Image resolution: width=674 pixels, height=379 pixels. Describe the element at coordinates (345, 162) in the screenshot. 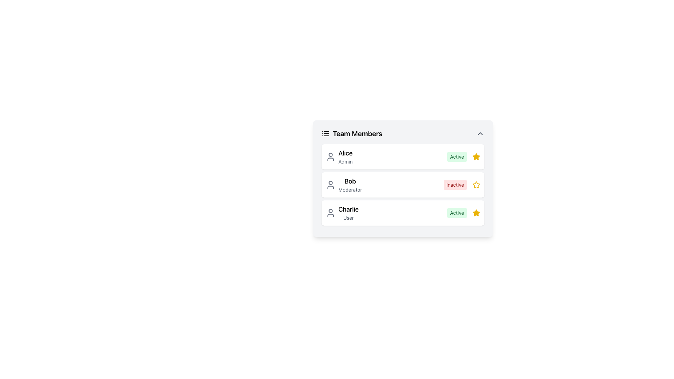

I see `the text label displaying 'Admin', which is a small gray font, located directly below 'Alice' in the 'Team Members' section` at that location.